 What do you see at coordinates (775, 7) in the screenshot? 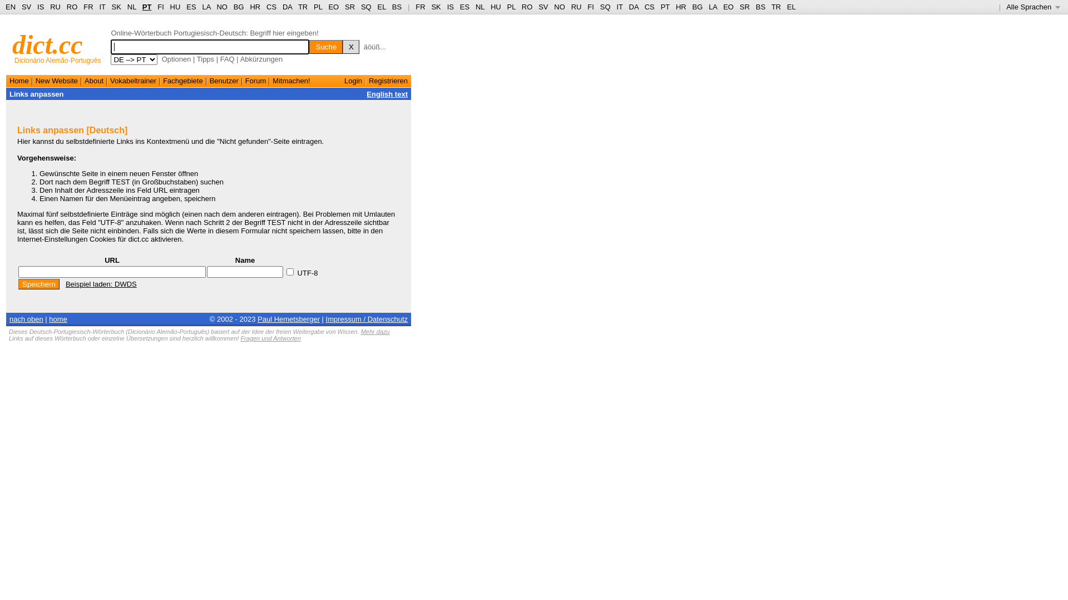
I see `'TR'` at bounding box center [775, 7].